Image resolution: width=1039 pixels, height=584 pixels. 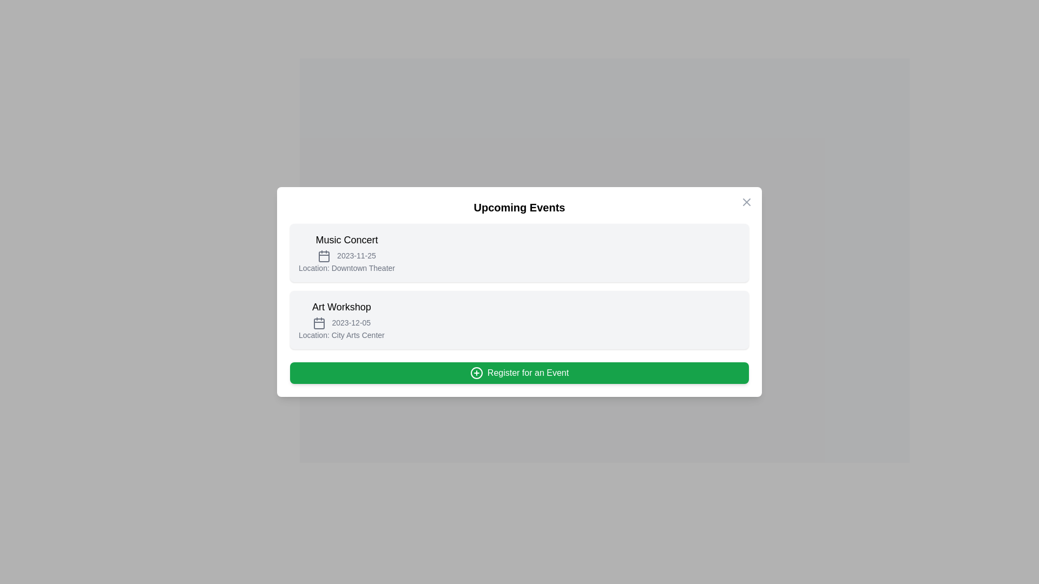 I want to click on the date '2023-11-25' in the informational event display box for 'Music Concert', so click(x=346, y=253).